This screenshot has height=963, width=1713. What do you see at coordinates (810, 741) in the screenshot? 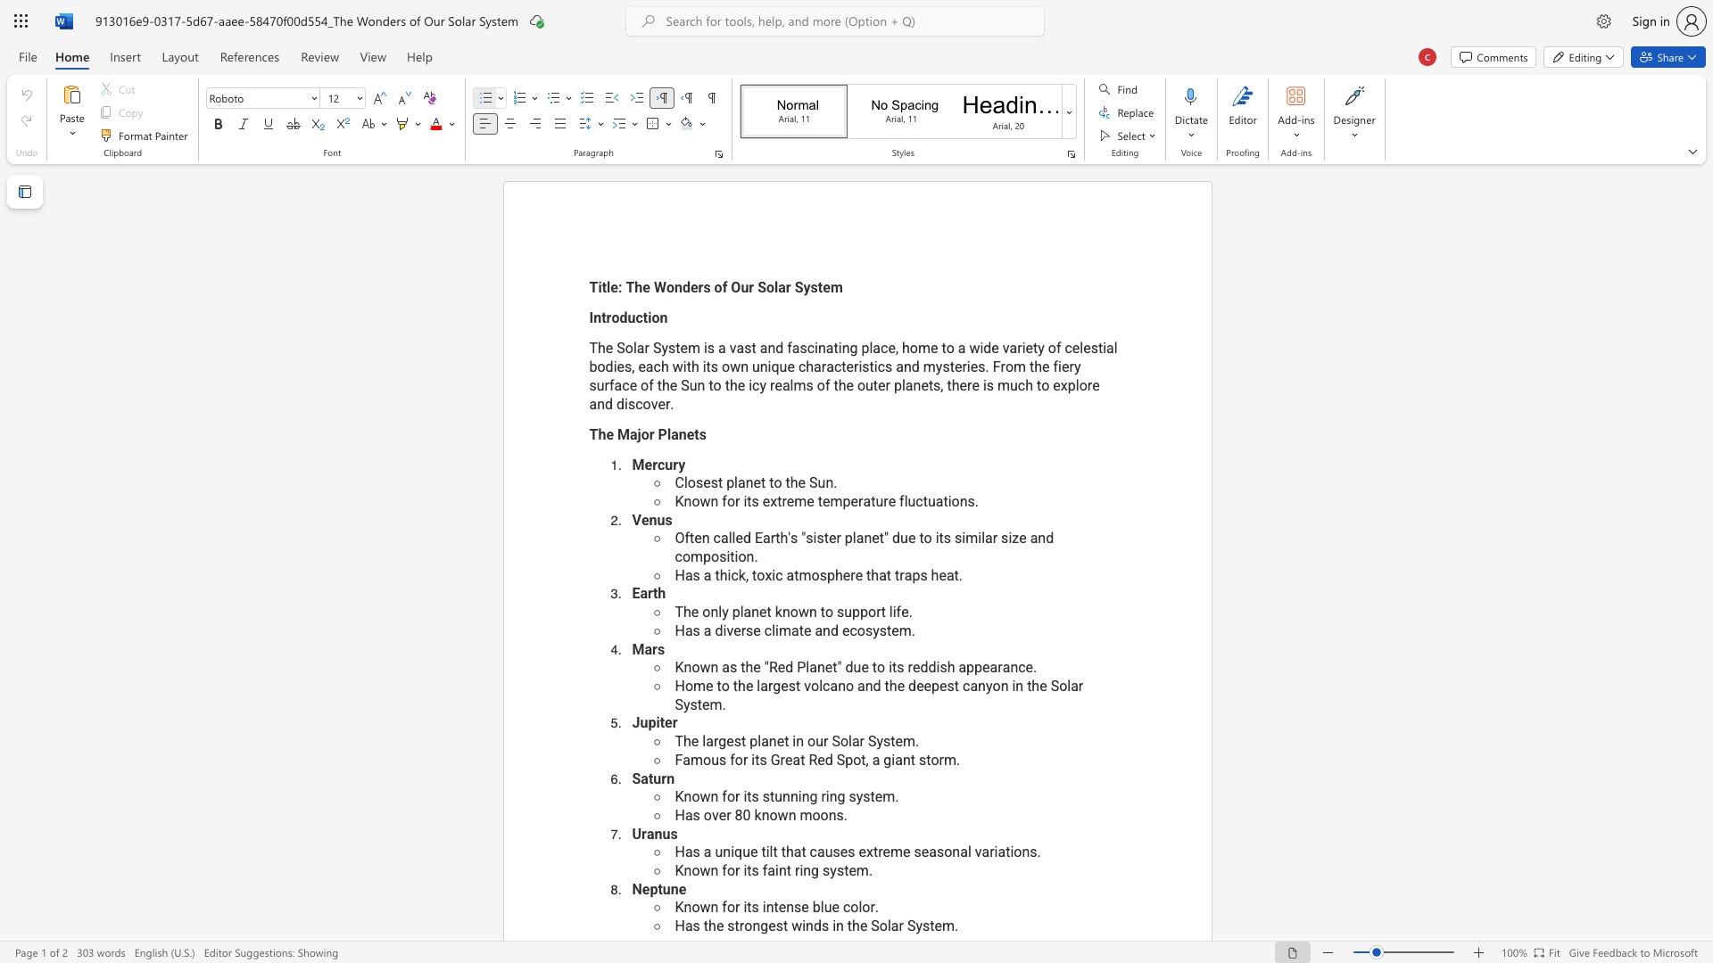
I see `the 1th character "o" in the text` at bounding box center [810, 741].